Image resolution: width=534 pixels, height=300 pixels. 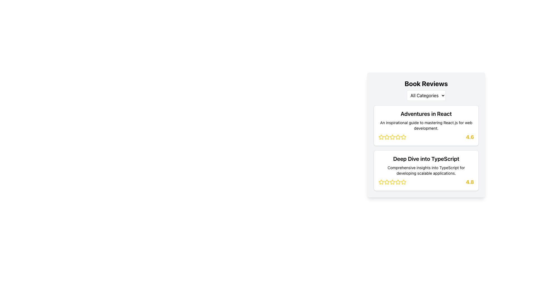 I want to click on the third star icon in the rating section under the 'Deep Dive into TypeScript' card, so click(x=392, y=182).